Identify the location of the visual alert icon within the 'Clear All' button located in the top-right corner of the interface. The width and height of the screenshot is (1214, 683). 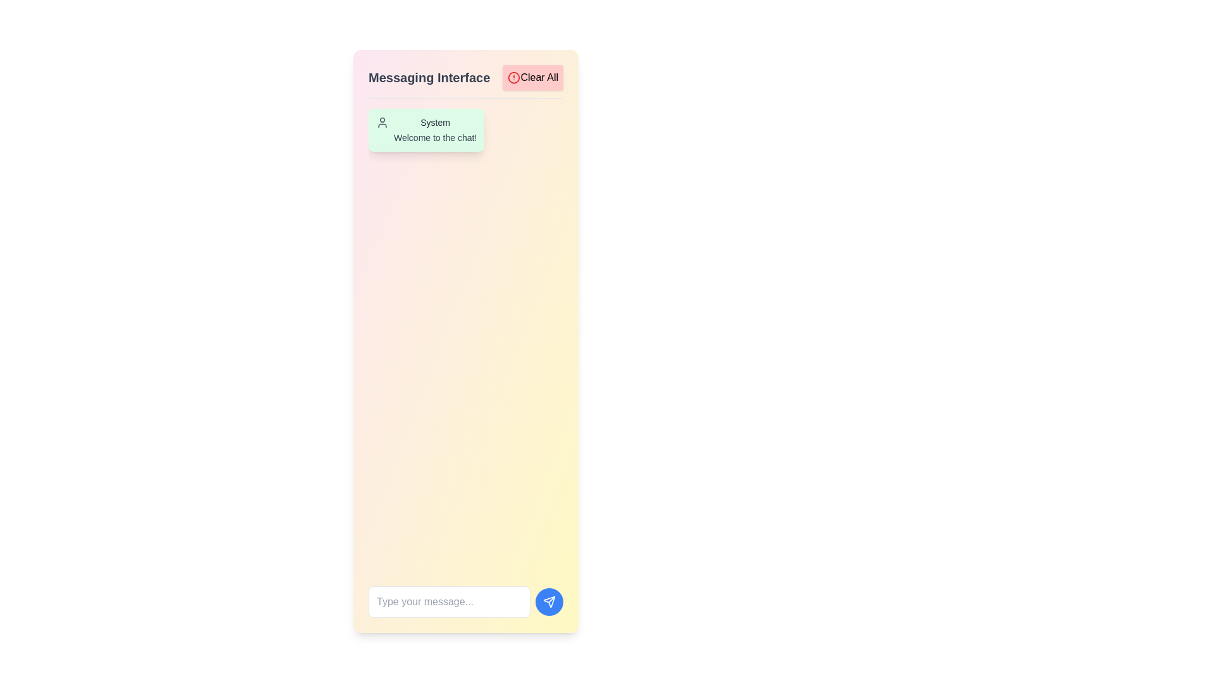
(514, 78).